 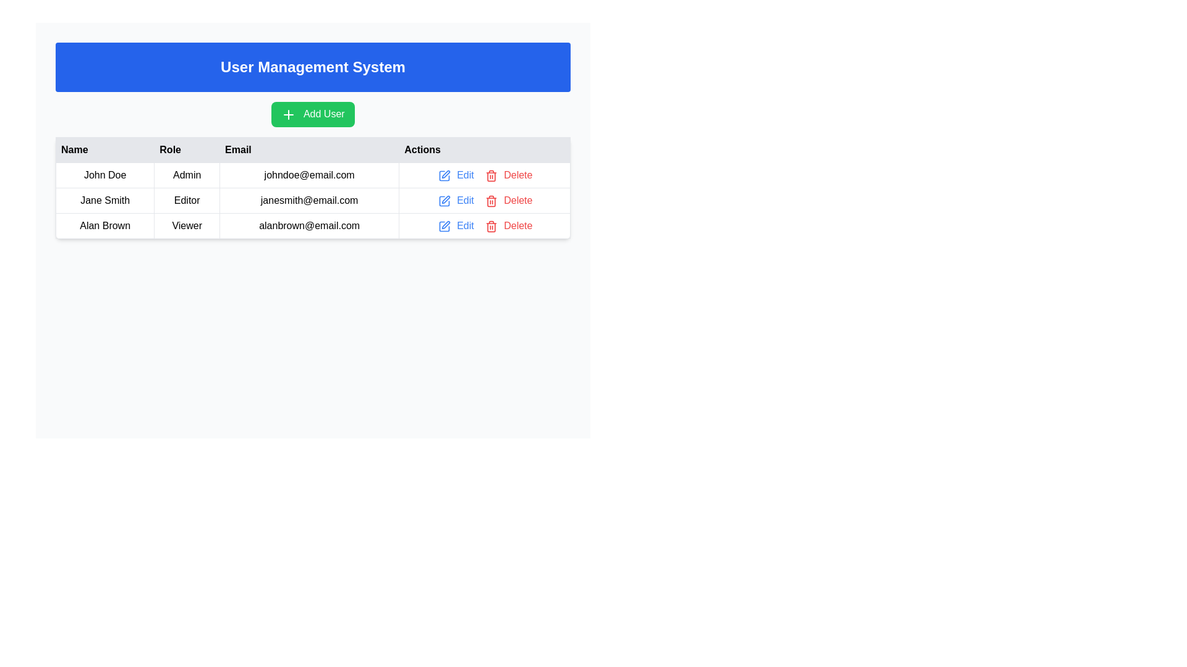 What do you see at coordinates (490, 201) in the screenshot?
I see `the trash bin icon in the 'Actions' column of the user management table for the 'Delete' action corresponding to 'Alan Brown'` at bounding box center [490, 201].